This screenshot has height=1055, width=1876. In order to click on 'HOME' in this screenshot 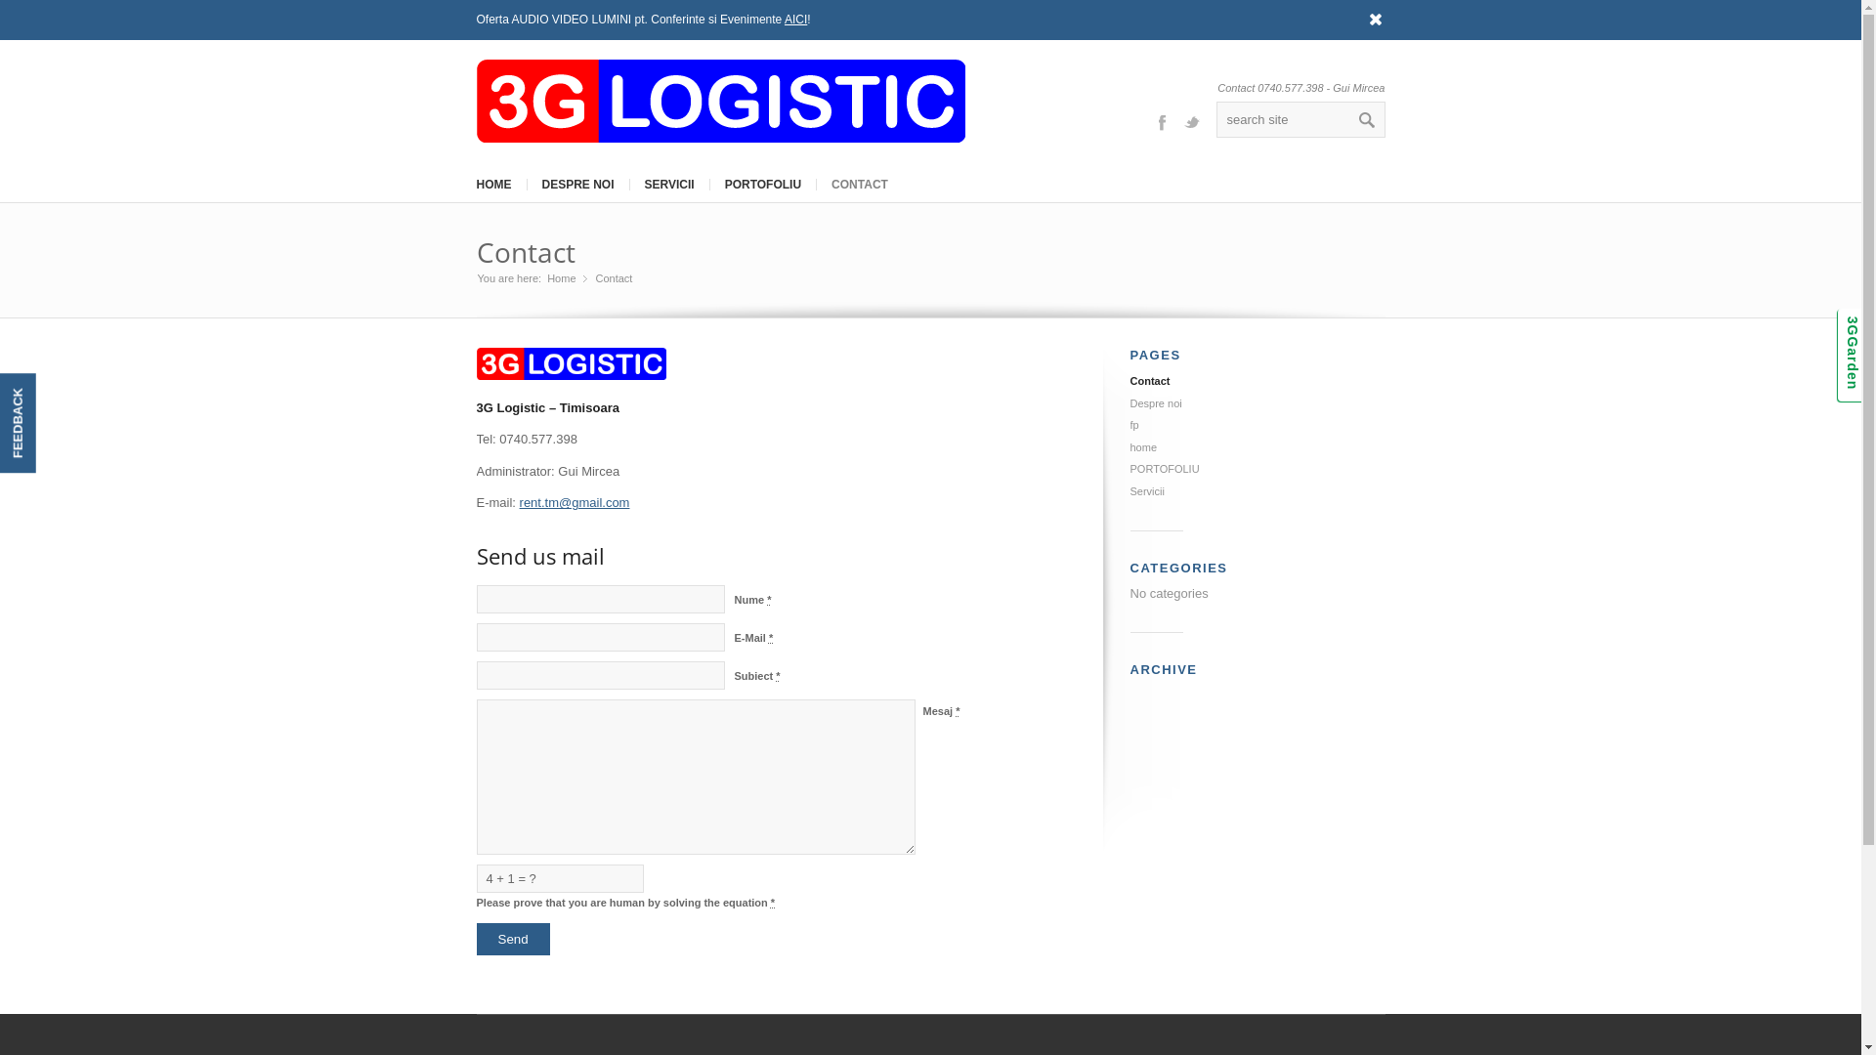, I will do `click(492, 185)`.